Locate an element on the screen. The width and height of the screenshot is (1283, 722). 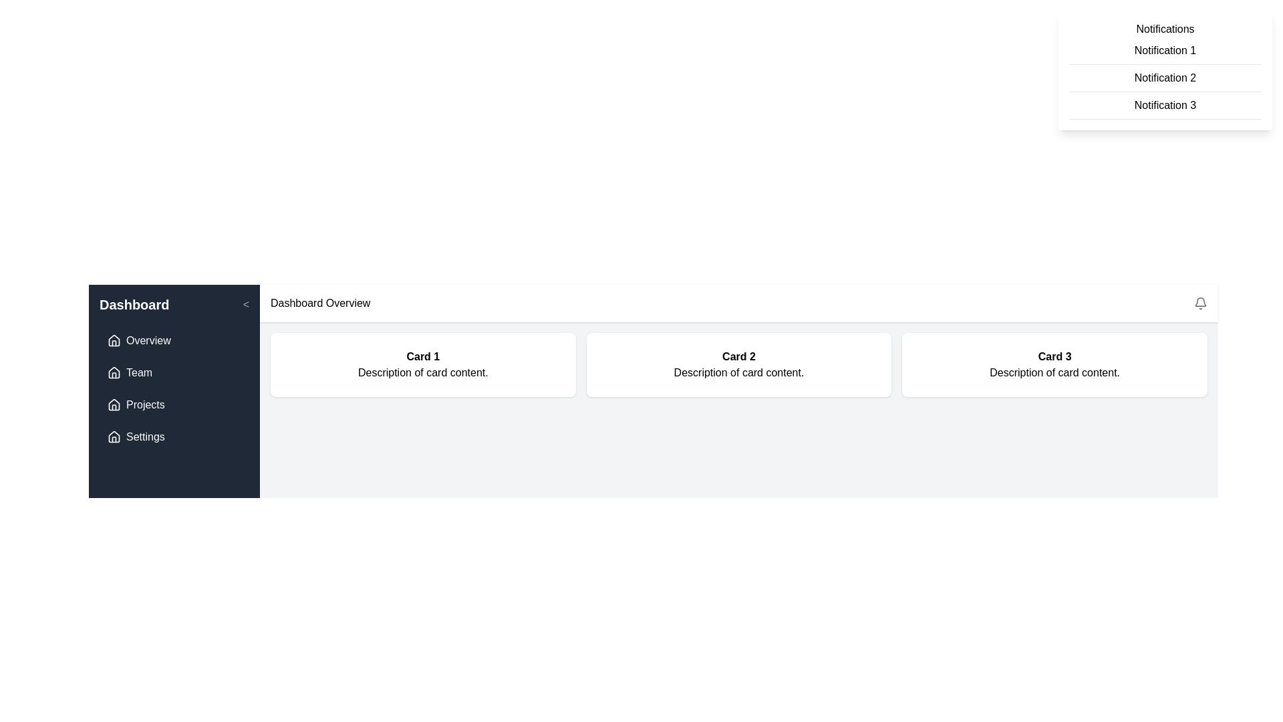
the title text element located at the top-center of the second card in a horizontal array of cards, which indicates the card's content is located at coordinates (738, 356).